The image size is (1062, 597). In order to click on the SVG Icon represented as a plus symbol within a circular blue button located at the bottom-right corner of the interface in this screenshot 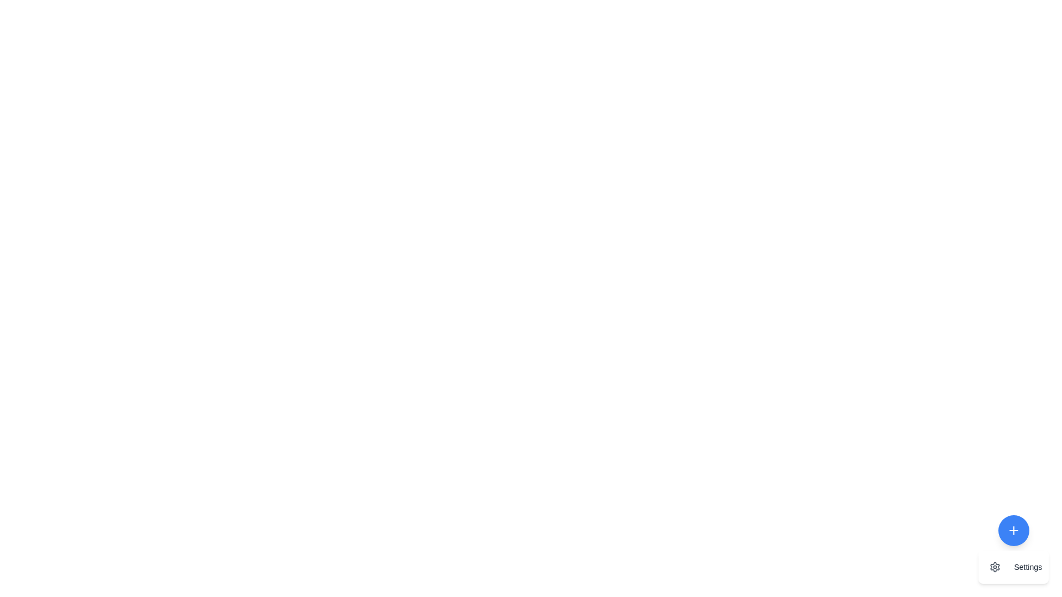, I will do `click(1013, 530)`.